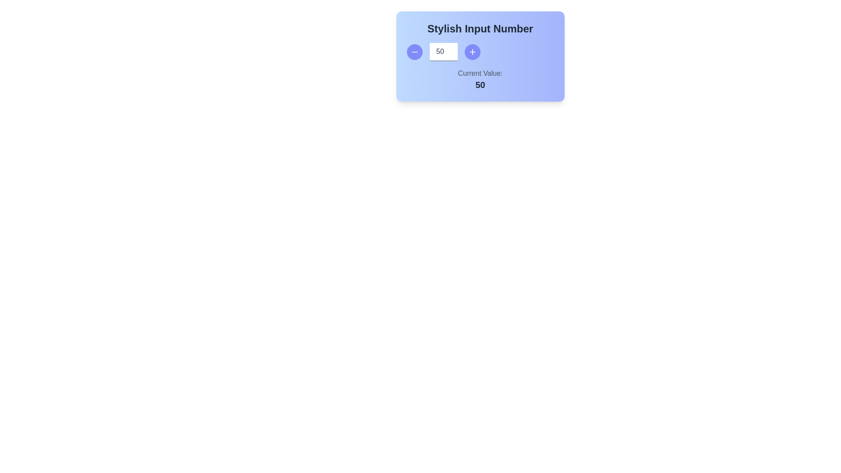  I want to click on the static text label indicating that the number '50' represents the current value, which is located within the 'Stylish Input Number' box, positioned above the numeric value '50', so click(480, 73).